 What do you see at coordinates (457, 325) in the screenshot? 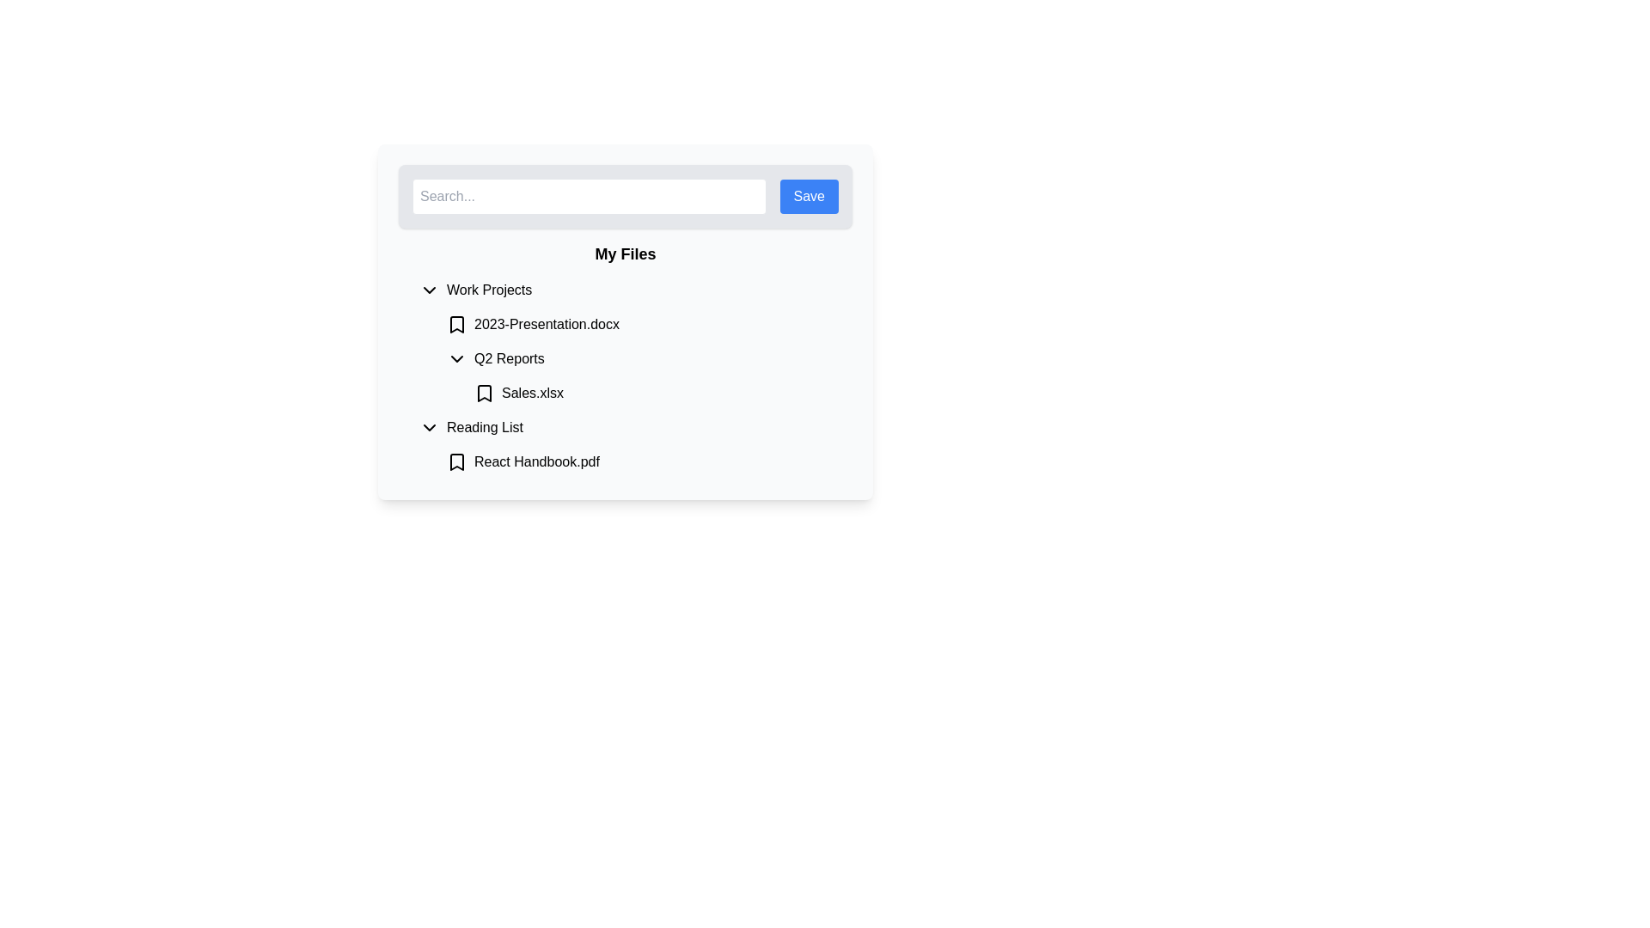
I see `the black bookmark icon located to the left of the '2023-Presentation.docx' label in the 'My Files' section to mark the document` at bounding box center [457, 325].